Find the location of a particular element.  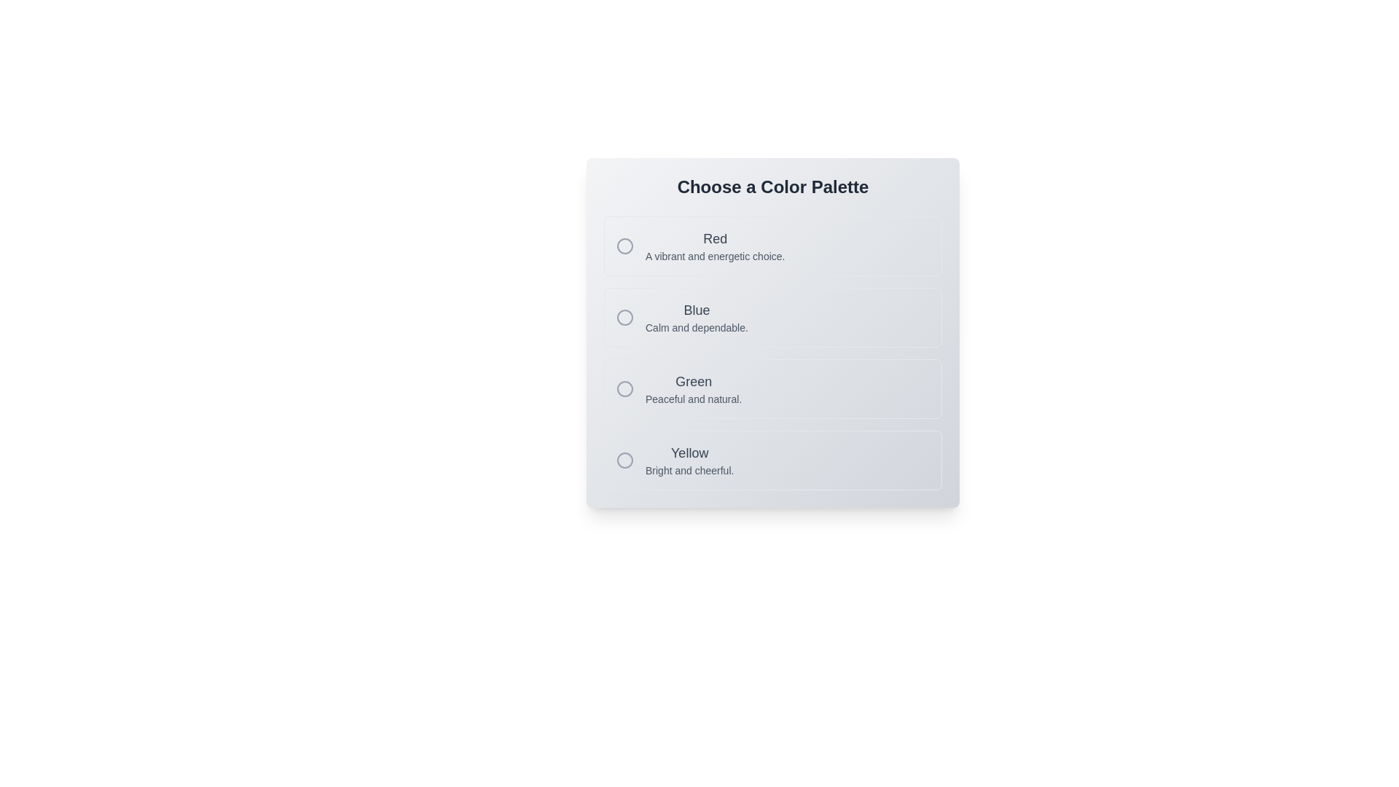

the static text element that serves as the title for the selectable option 'Green', which is centrally located in the third option of a vertically stacked list is located at coordinates (693, 381).